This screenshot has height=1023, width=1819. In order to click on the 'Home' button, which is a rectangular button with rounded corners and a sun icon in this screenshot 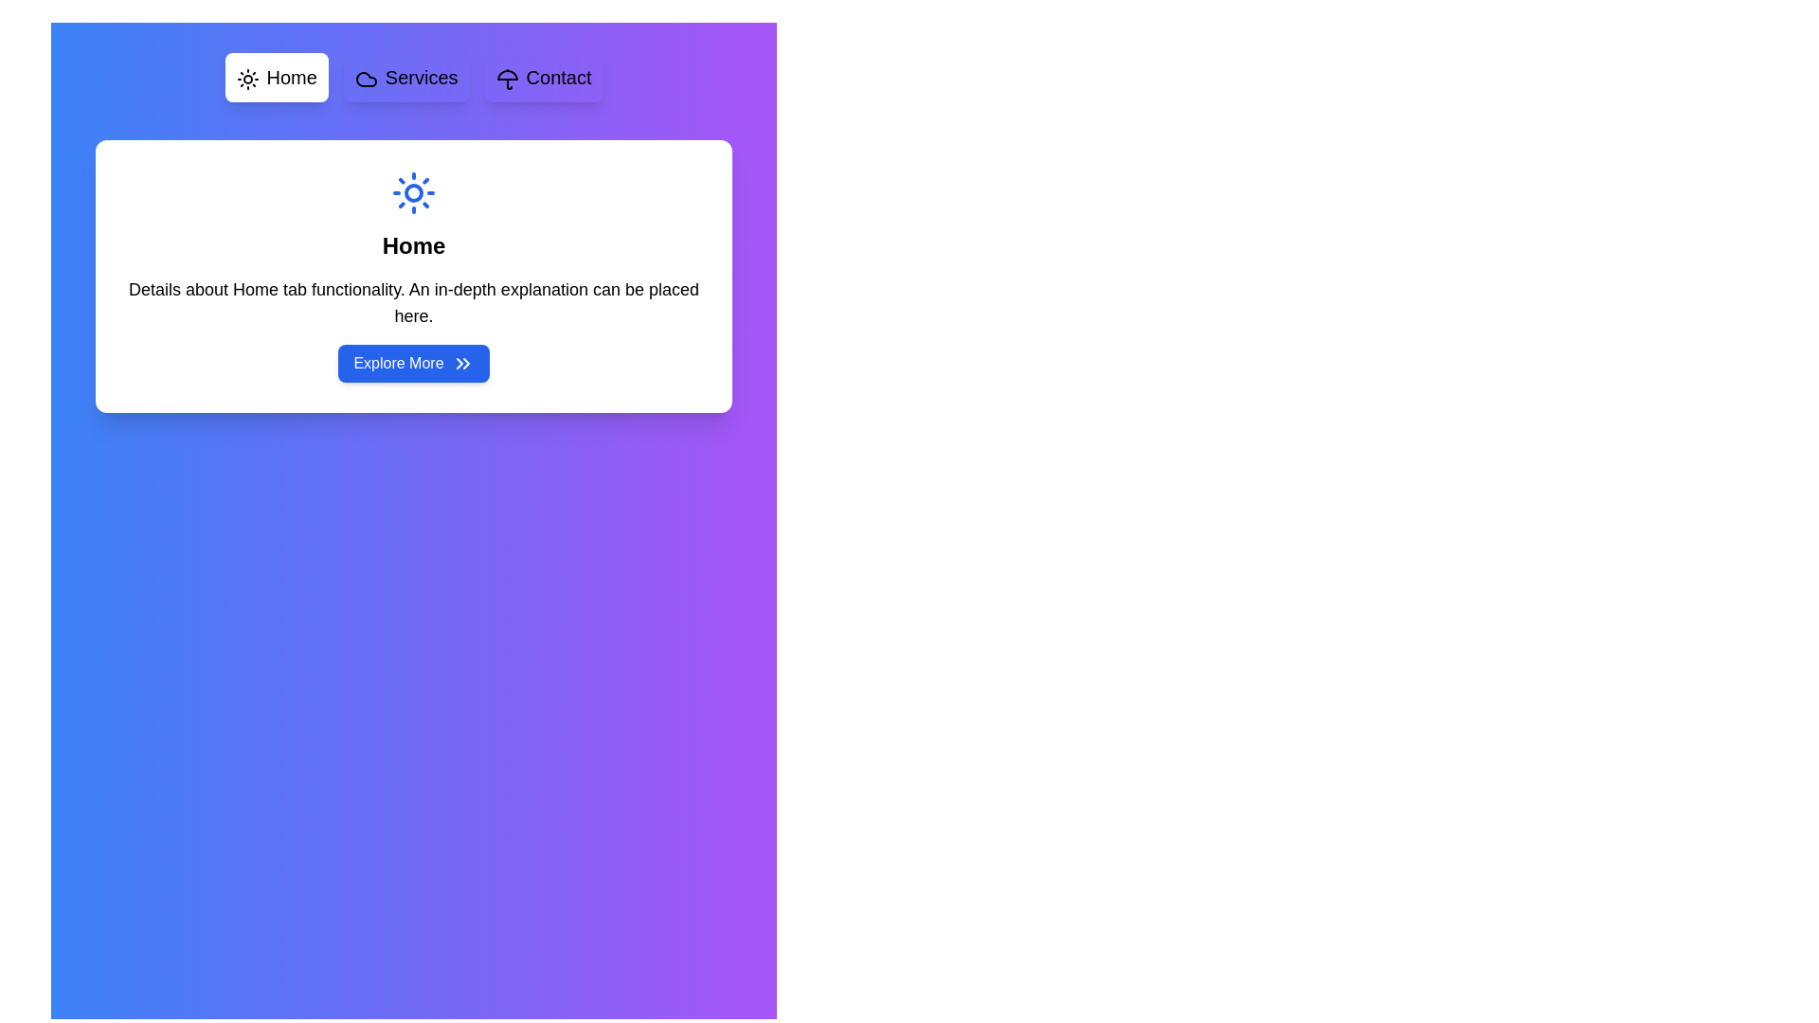, I will do `click(276, 76)`.